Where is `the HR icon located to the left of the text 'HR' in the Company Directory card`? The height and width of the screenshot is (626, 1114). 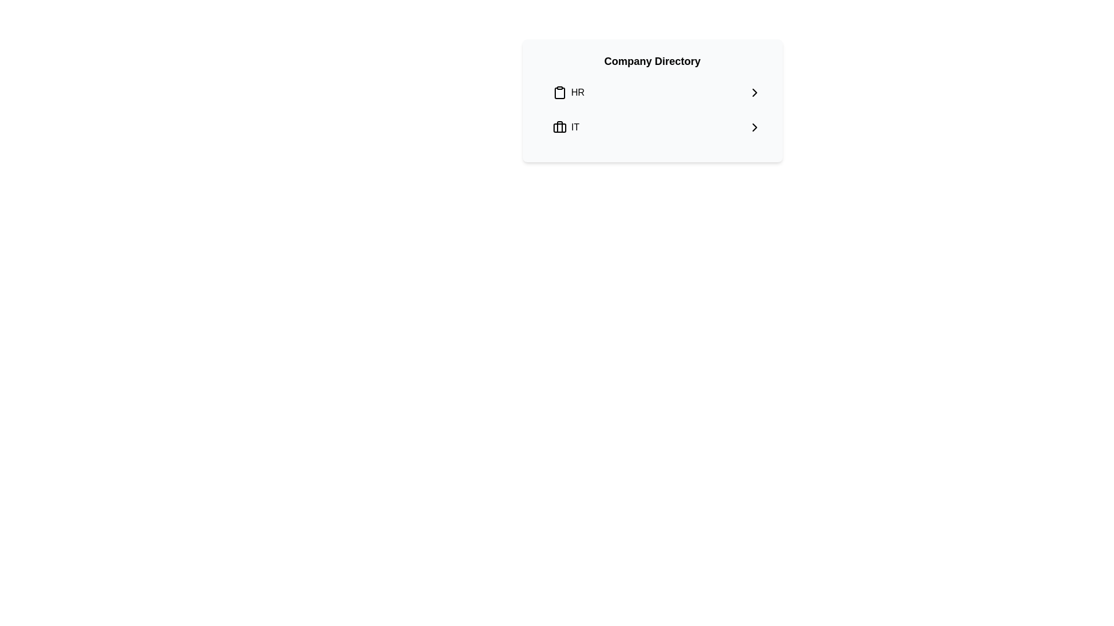
the HR icon located to the left of the text 'HR' in the Company Directory card is located at coordinates (559, 92).